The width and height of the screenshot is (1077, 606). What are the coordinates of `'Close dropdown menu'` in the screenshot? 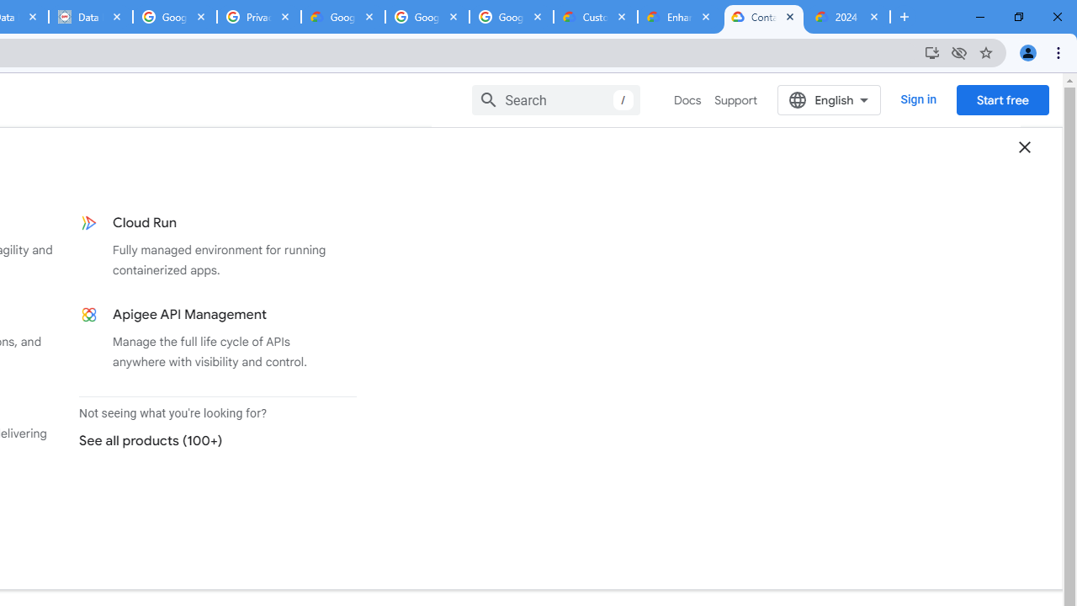 It's located at (1023, 146).